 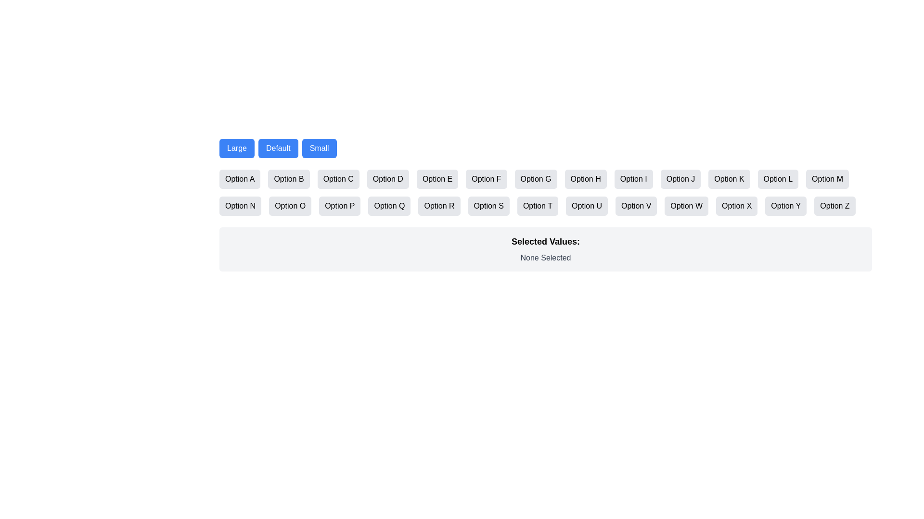 I want to click on the button labeled 'Option D', which is a rounded rectangular button with a light gray background and black text, so click(x=388, y=179).